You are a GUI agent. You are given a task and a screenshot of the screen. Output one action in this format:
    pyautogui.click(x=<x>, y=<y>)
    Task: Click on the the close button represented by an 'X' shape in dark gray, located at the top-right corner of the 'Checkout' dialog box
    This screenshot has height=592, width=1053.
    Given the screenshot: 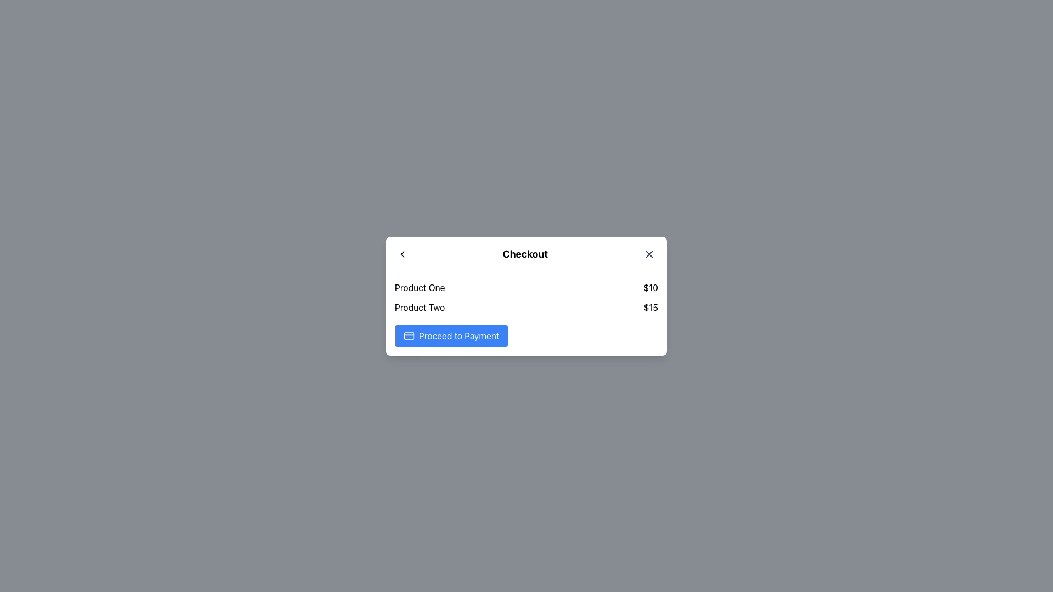 What is the action you would take?
    pyautogui.click(x=649, y=254)
    